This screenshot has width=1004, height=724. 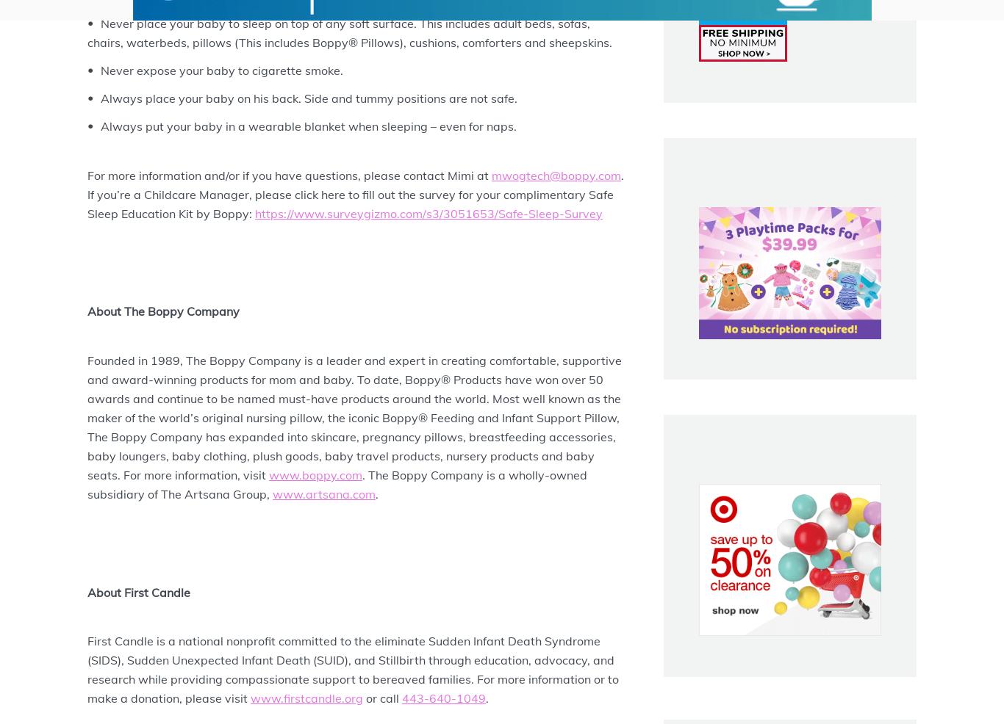 What do you see at coordinates (323, 493) in the screenshot?
I see `'www.artsana.com'` at bounding box center [323, 493].